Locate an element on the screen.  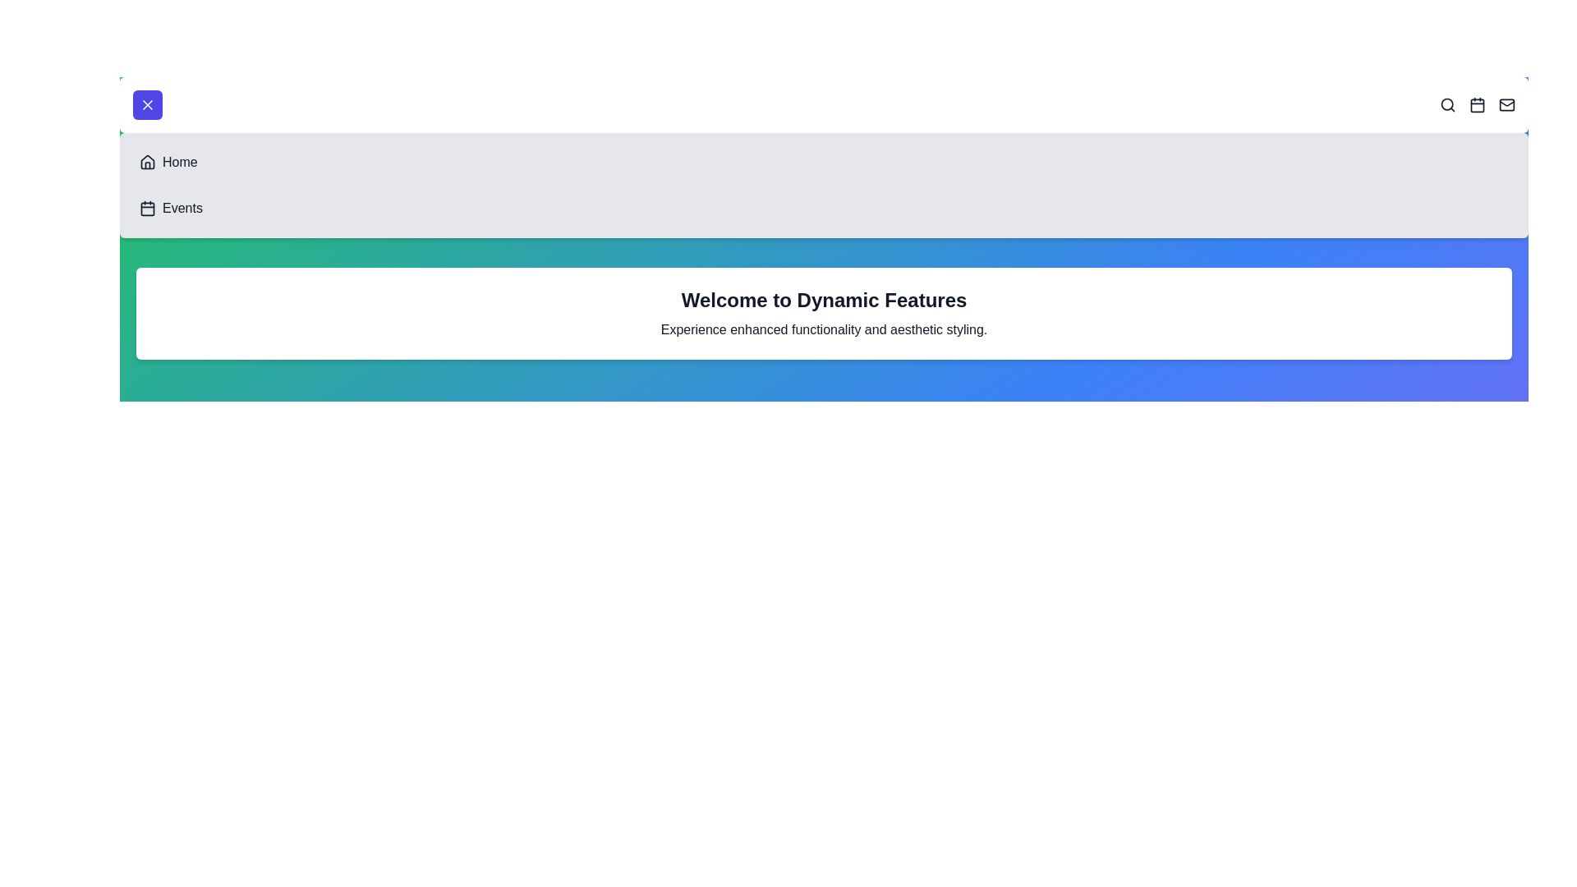
the navigation menu item Events to navigate is located at coordinates (148, 208).